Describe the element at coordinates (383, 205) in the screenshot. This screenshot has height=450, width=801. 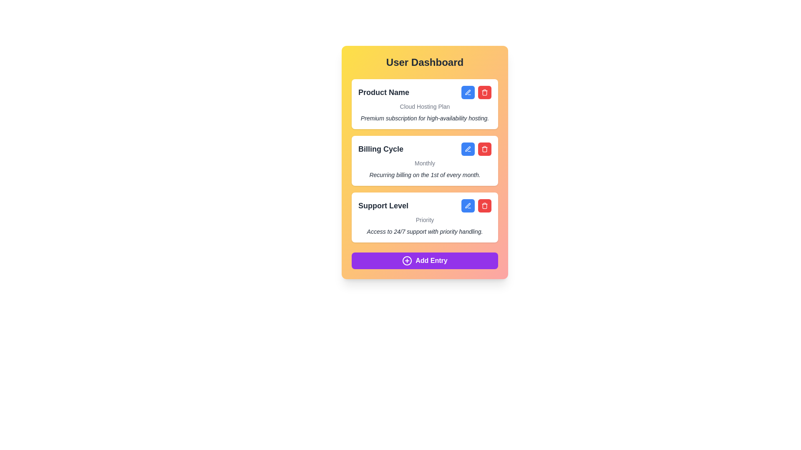
I see `the 'Support Level' text label, which is styled with a bold font and larger size, positioned in the middle section of the user dashboard, directly above the 'Priority' label` at that location.